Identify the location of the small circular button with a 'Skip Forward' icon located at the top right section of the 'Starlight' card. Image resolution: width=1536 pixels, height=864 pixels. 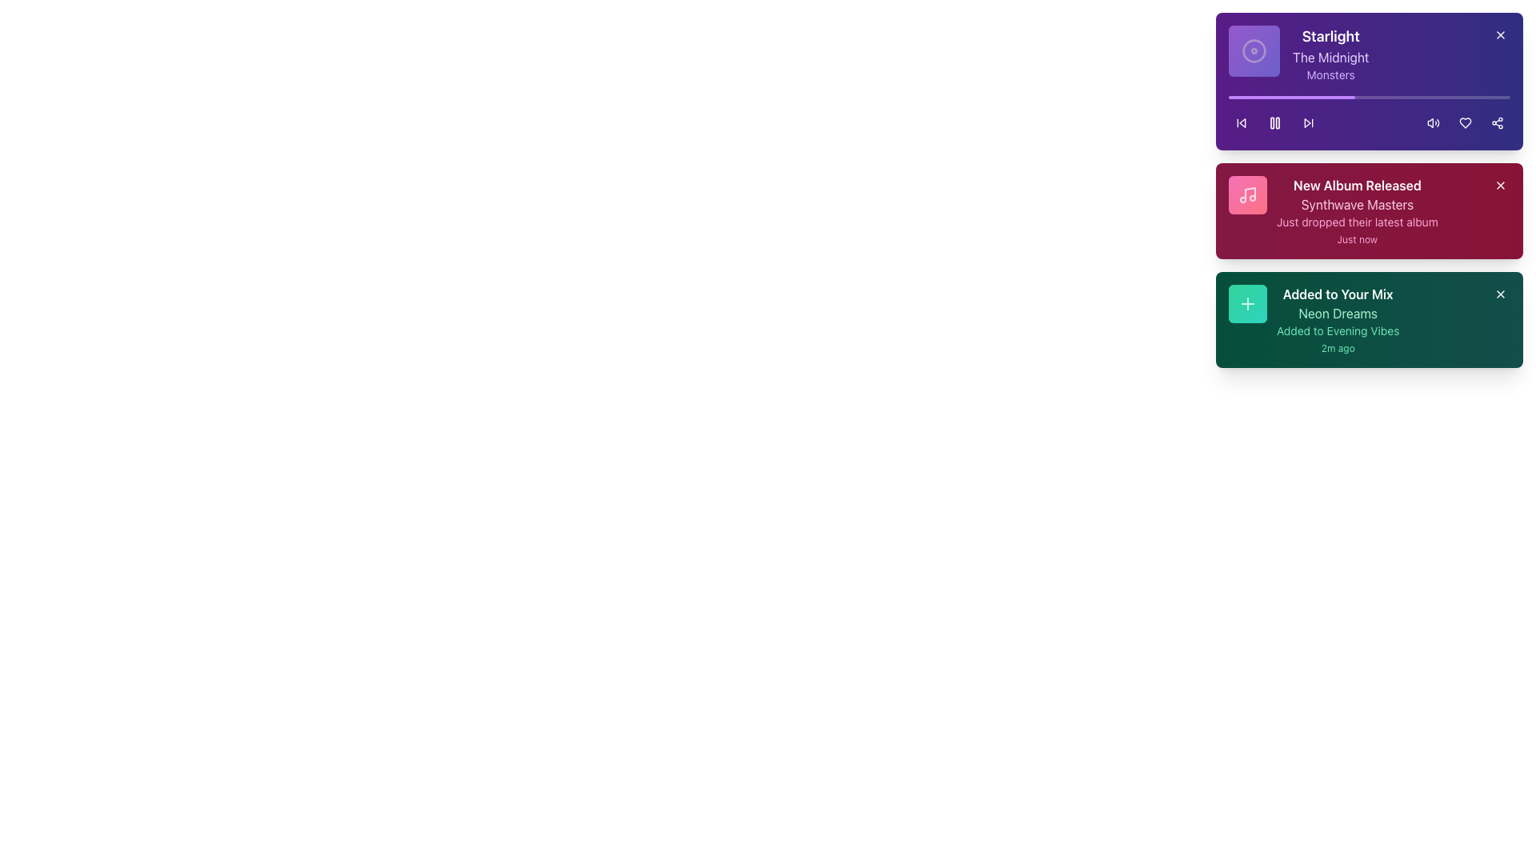
(1309, 122).